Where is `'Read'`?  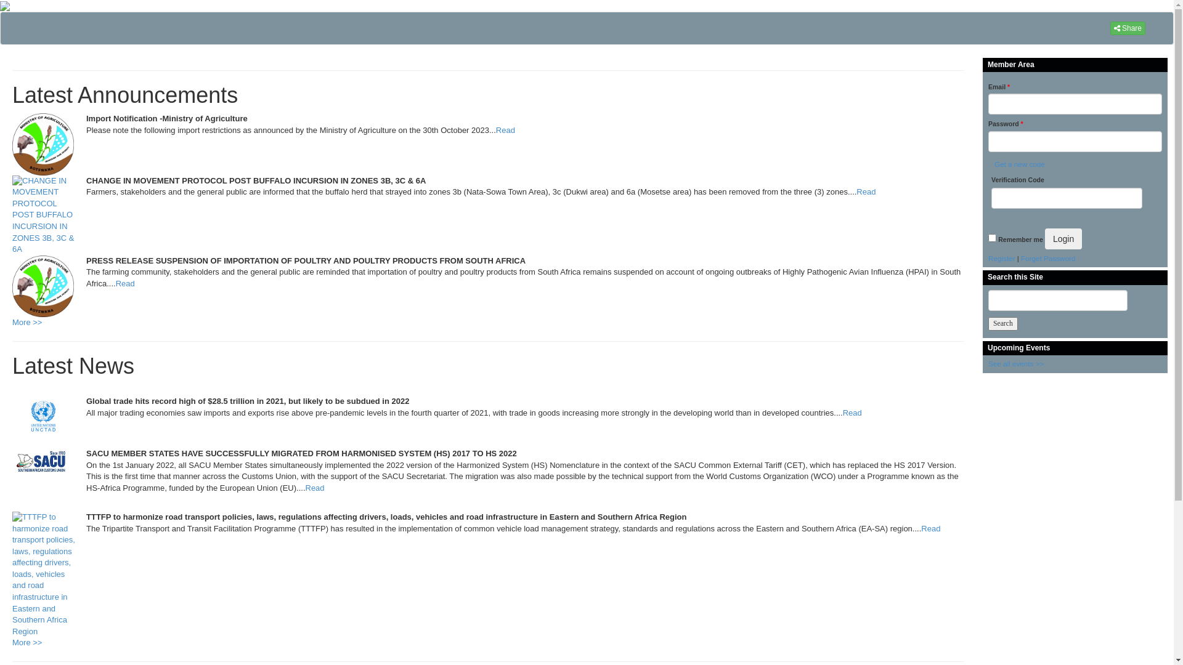
'Read' is located at coordinates (852, 413).